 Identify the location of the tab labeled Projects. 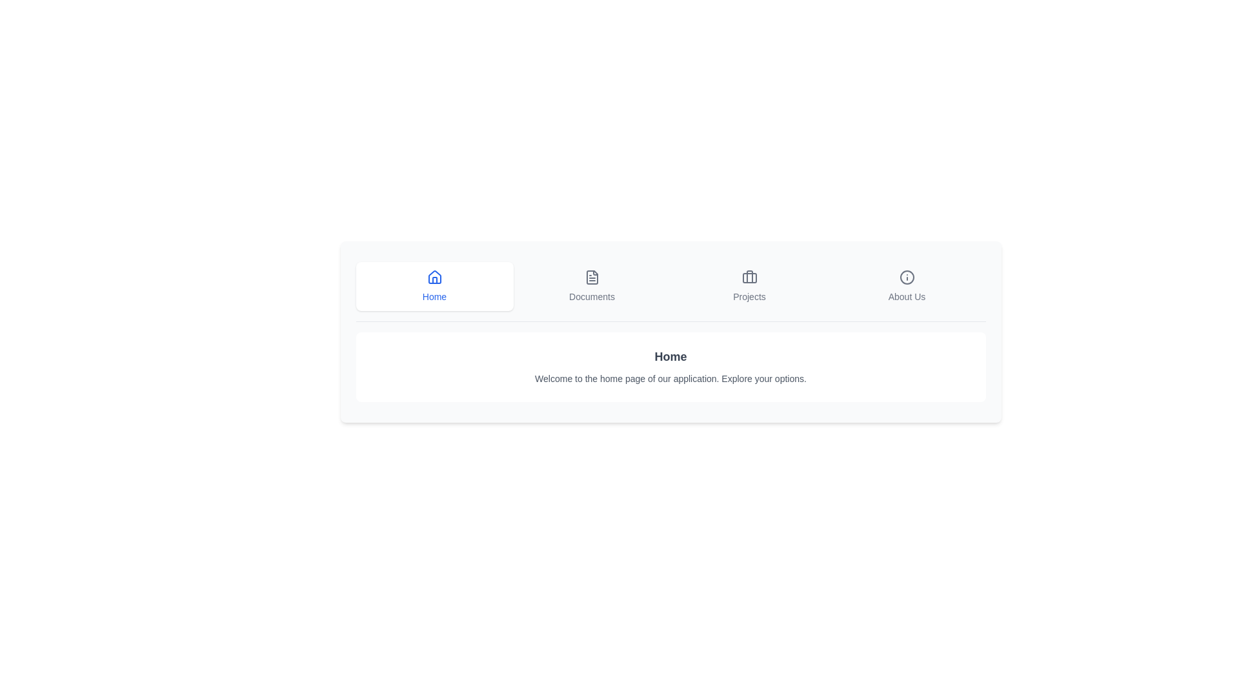
(749, 285).